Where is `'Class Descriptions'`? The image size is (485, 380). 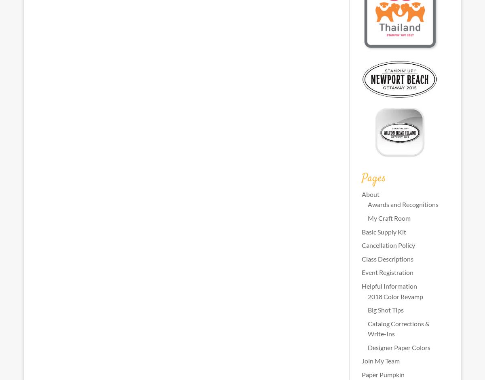
'Class Descriptions' is located at coordinates (387, 258).